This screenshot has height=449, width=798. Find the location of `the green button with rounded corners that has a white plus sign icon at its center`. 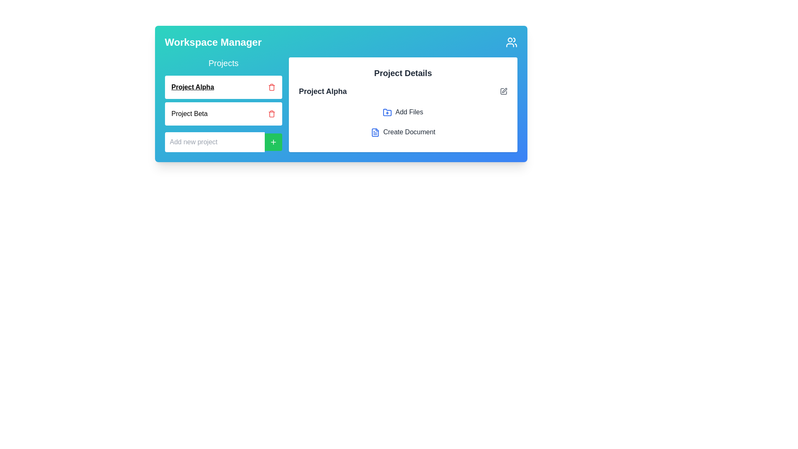

the green button with rounded corners that has a white plus sign icon at its center is located at coordinates (273, 142).